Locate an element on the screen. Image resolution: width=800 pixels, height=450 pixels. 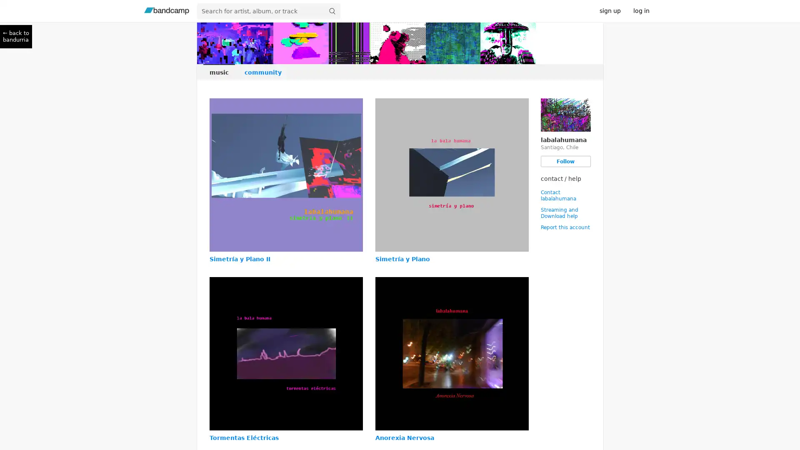
Follow is located at coordinates (565, 161).